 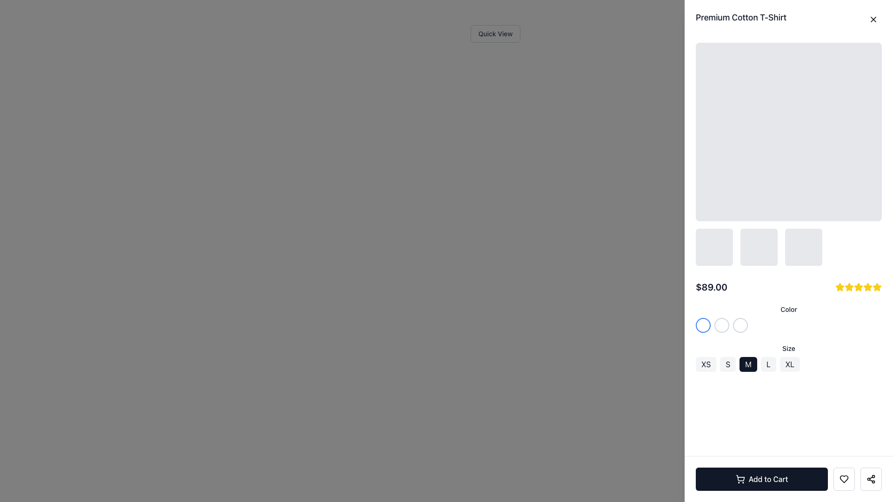 I want to click on the interactive button with a heart-shaped icon located to the right of the 'Add to Cart' button, so click(x=844, y=479).